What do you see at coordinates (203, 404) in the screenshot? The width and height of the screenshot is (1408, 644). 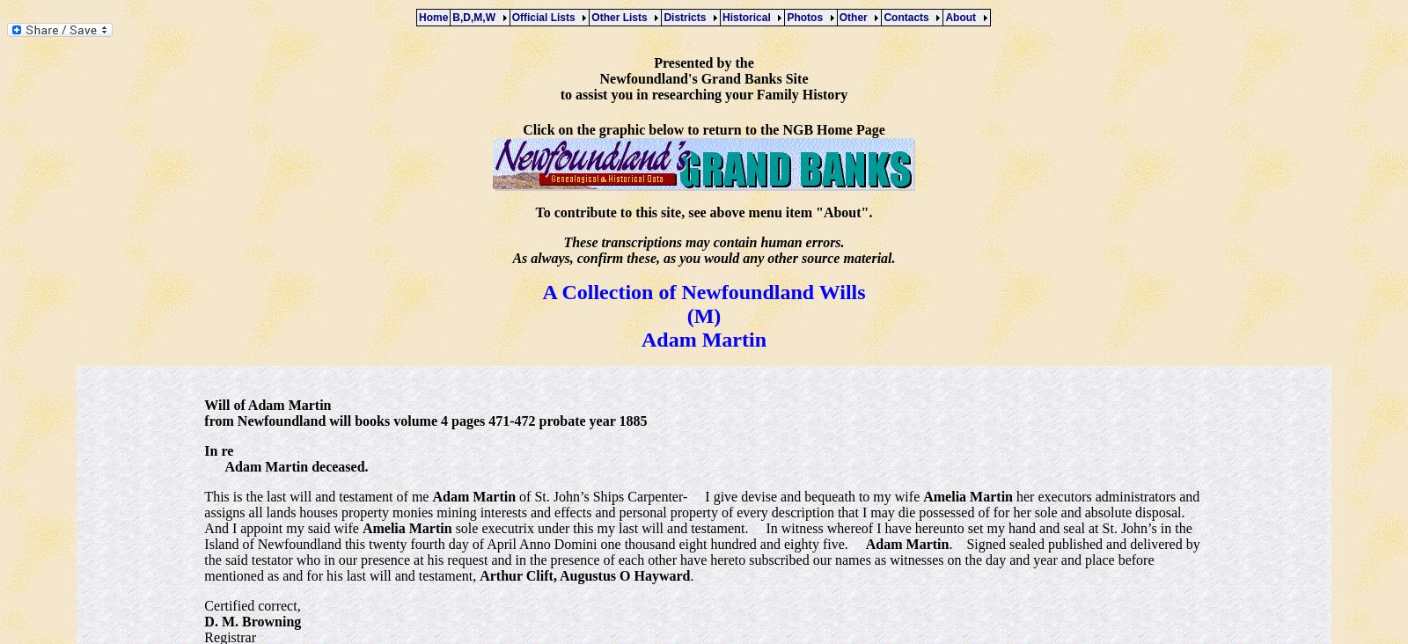 I see `'Will of Adam Martin'` at bounding box center [203, 404].